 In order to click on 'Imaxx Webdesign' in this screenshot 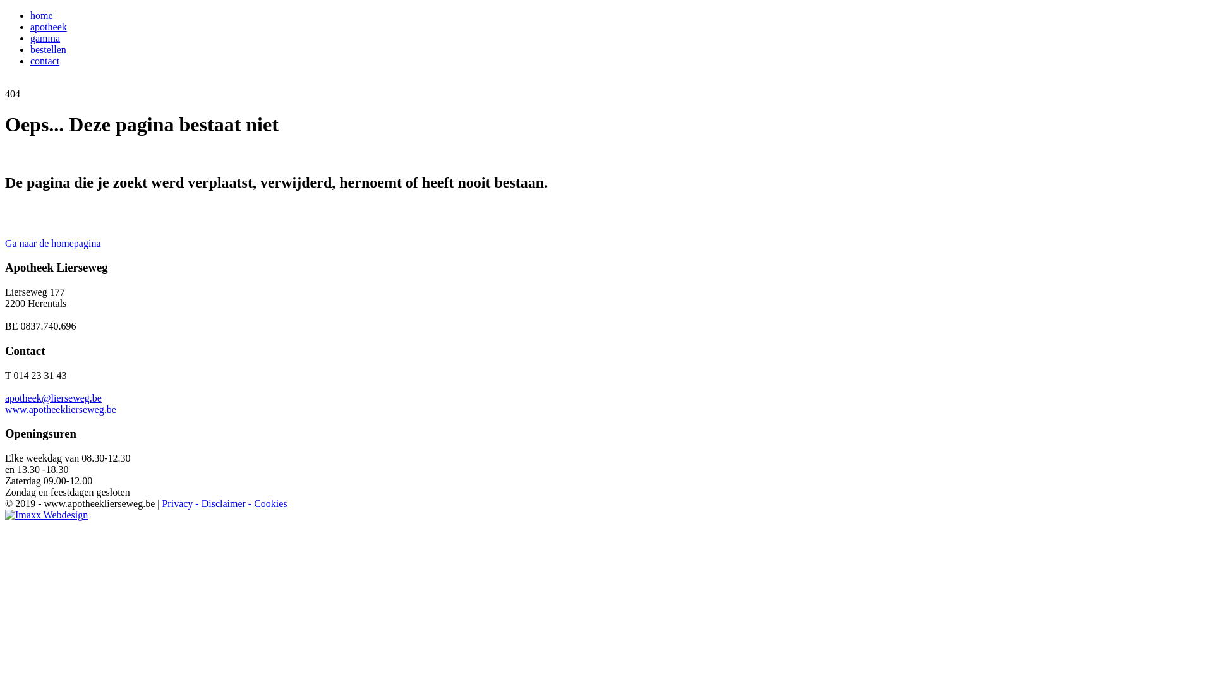, I will do `click(46, 515)`.